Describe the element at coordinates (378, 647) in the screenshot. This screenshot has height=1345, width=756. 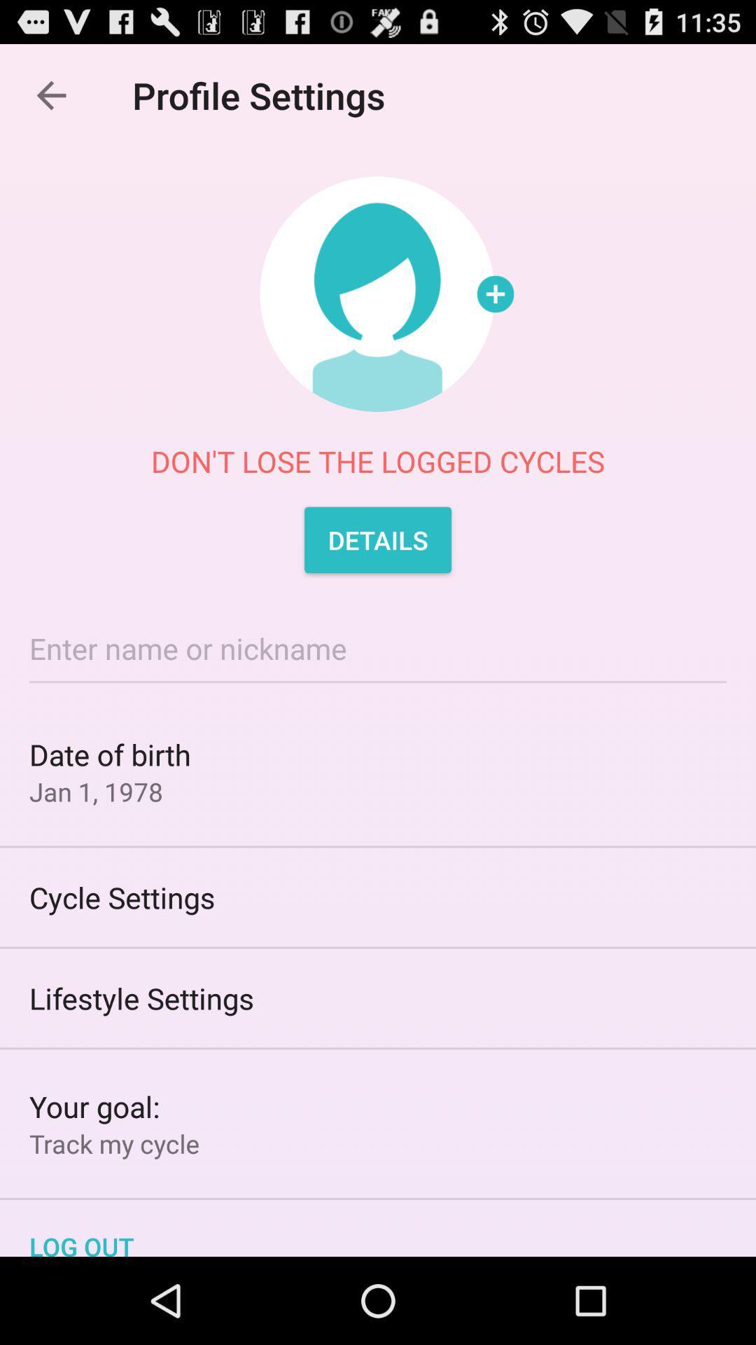
I see `name or nickname to set up the profile` at that location.